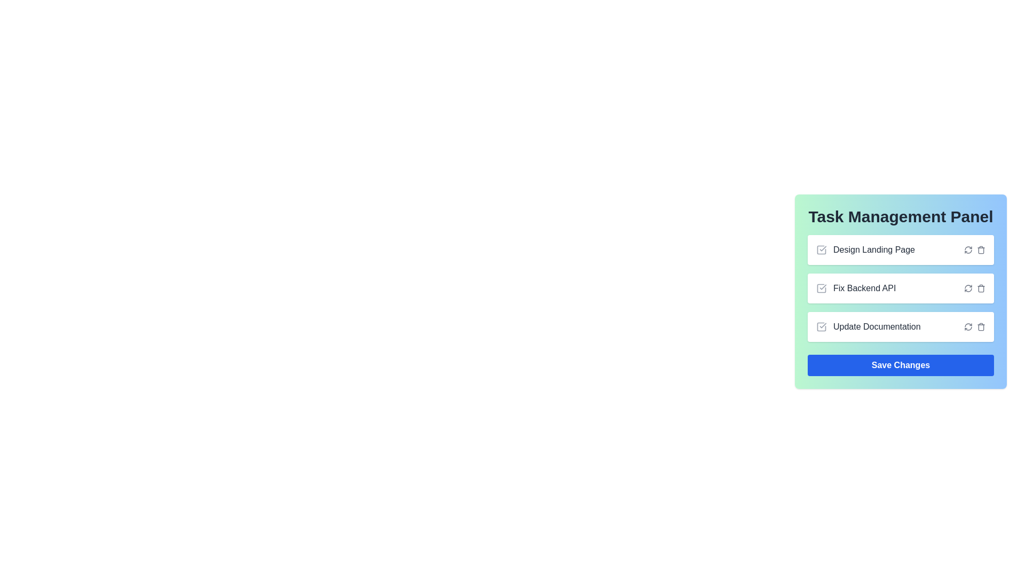 This screenshot has height=577, width=1025. I want to click on the status indicator icon for the 'Design Landing Page' task in the Task Management Panel, so click(821, 249).